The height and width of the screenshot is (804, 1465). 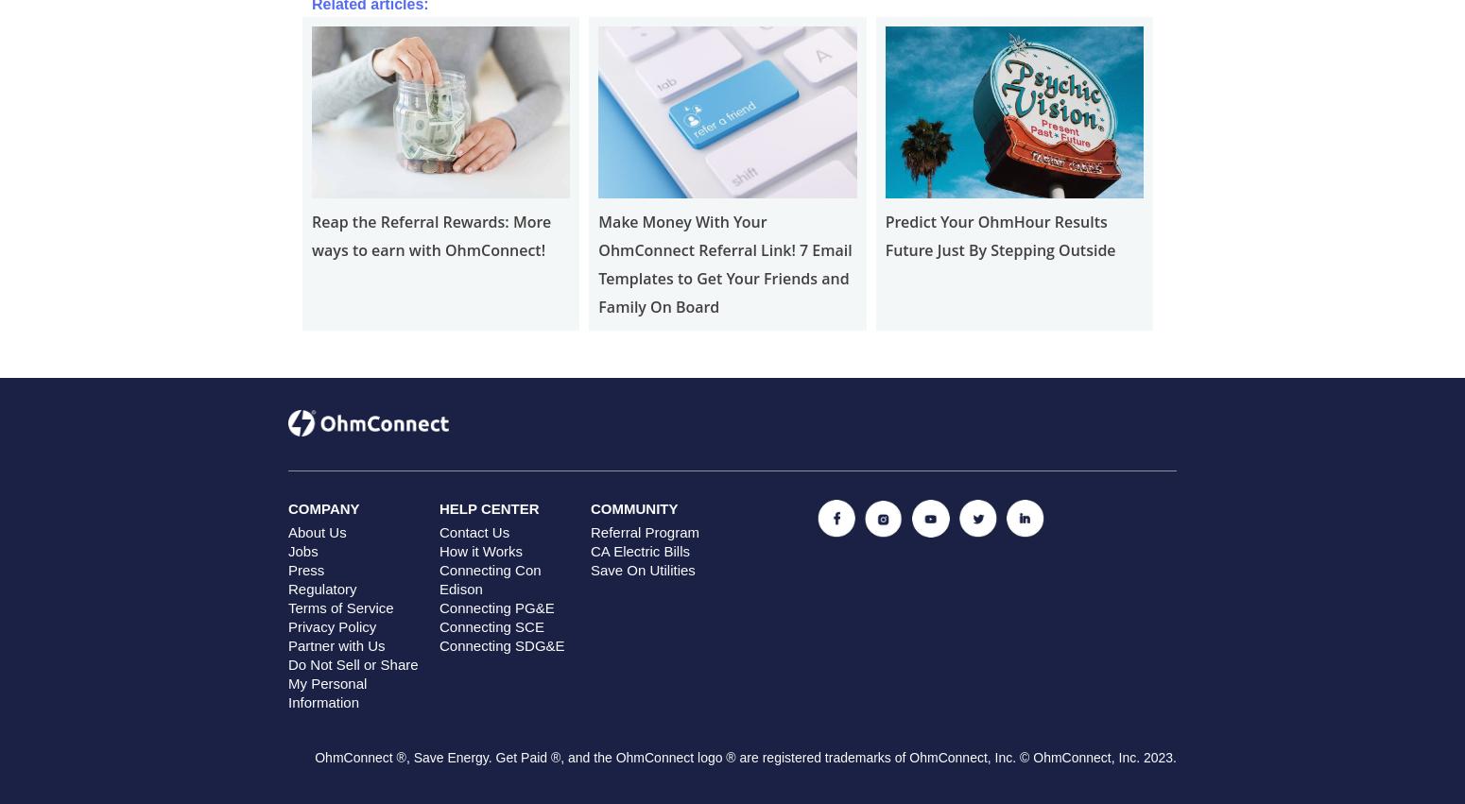 What do you see at coordinates (641, 570) in the screenshot?
I see `'Save On Utilities'` at bounding box center [641, 570].